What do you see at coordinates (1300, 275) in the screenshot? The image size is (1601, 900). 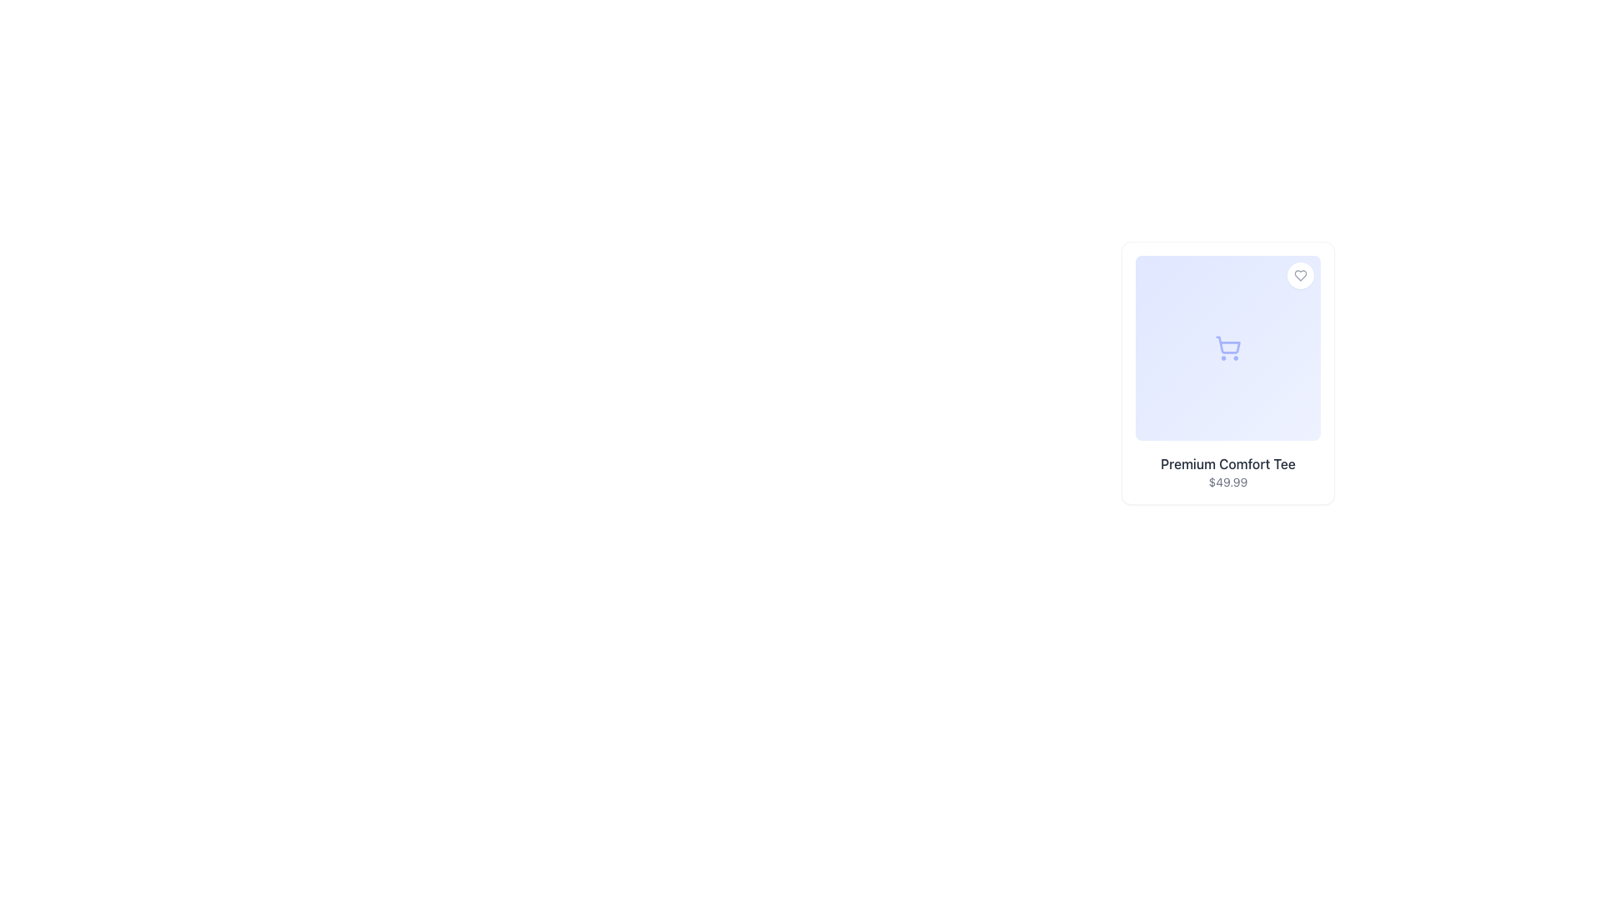 I see `the heart-shaped icon in the top-right corner of the card to favorite or unfavorite the item` at bounding box center [1300, 275].